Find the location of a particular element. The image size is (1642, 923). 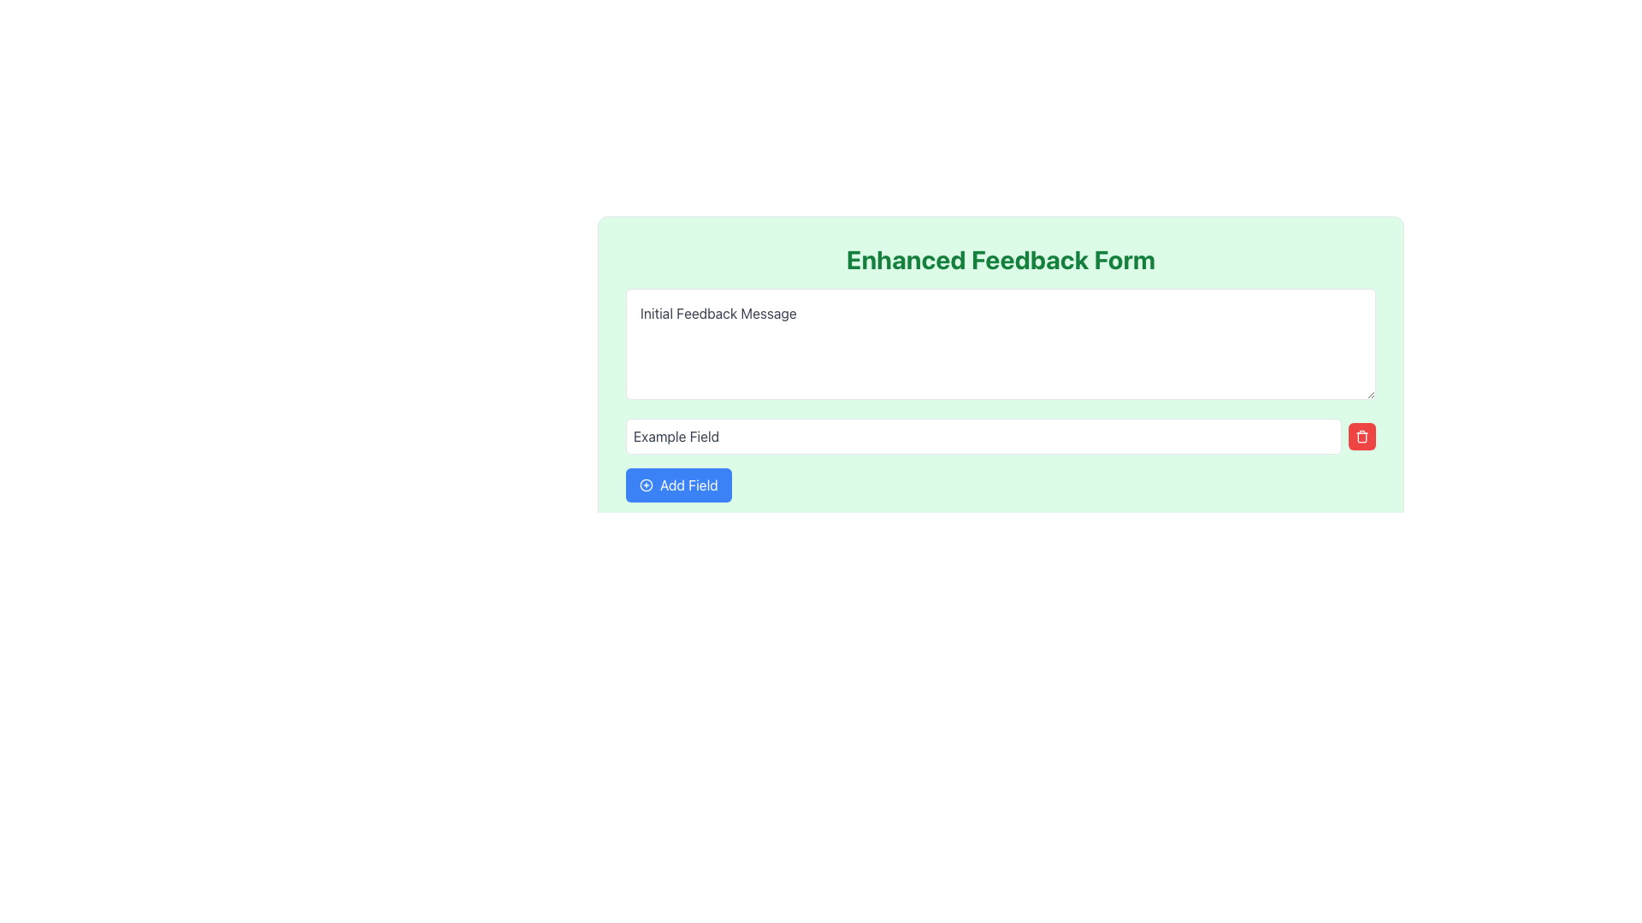

the blue 'Add Field' button with a white label and circular plus icon is located at coordinates (677, 485).